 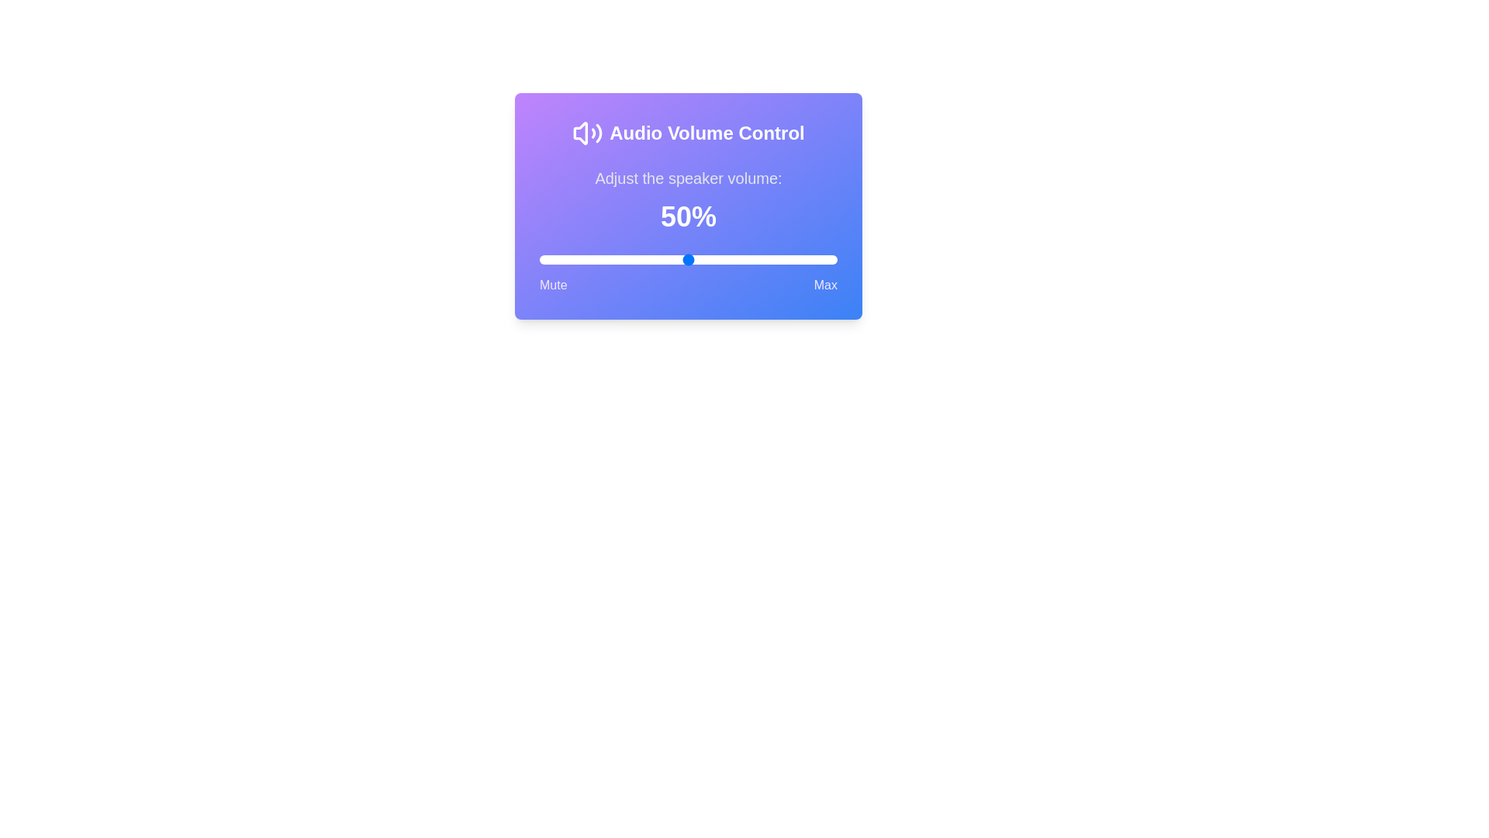 What do you see at coordinates (762, 259) in the screenshot?
I see `the volume slider to 75%` at bounding box center [762, 259].